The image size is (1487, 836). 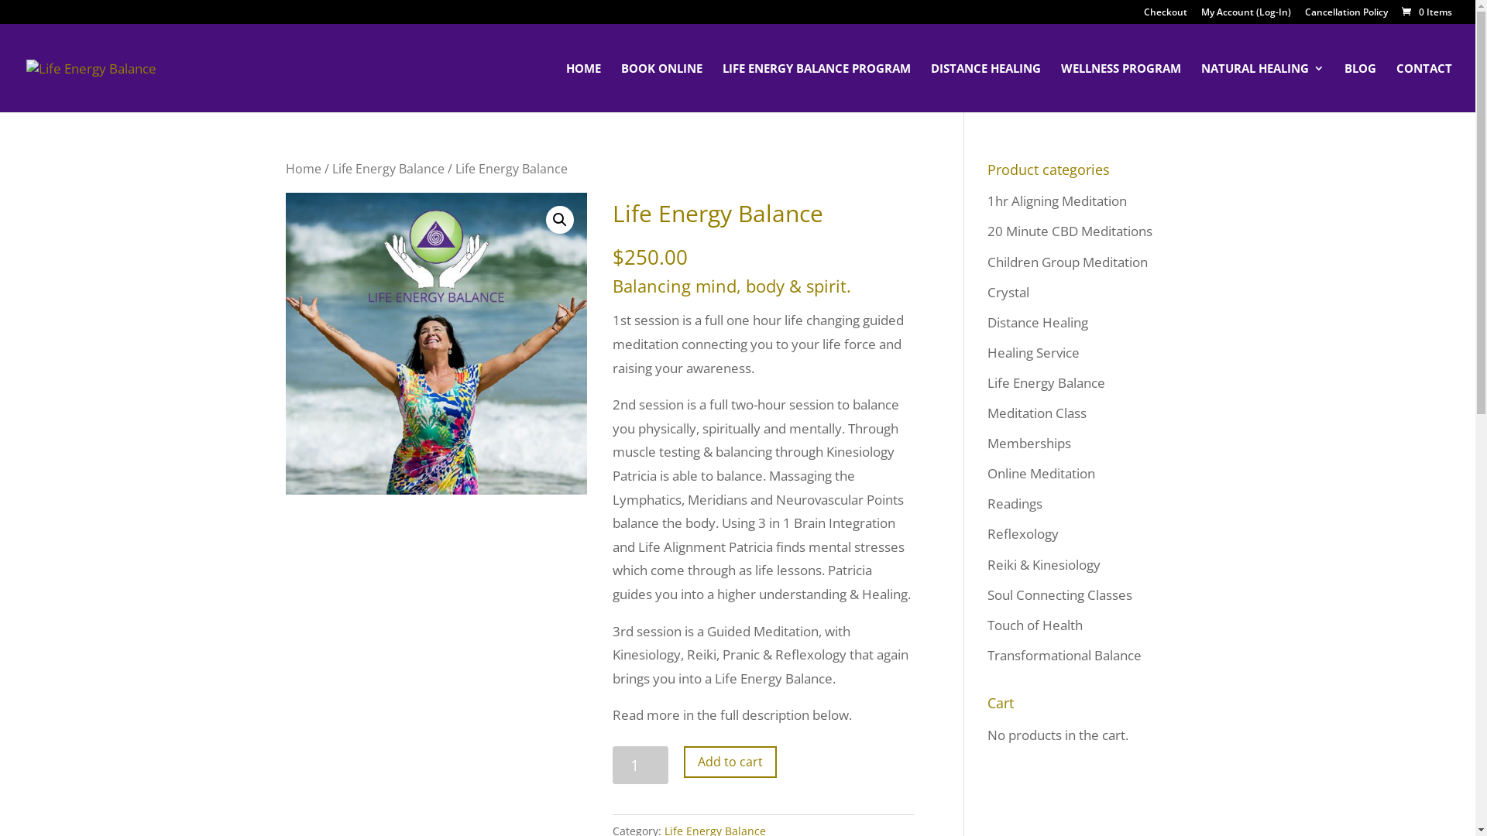 I want to click on 'Qty', so click(x=640, y=764).